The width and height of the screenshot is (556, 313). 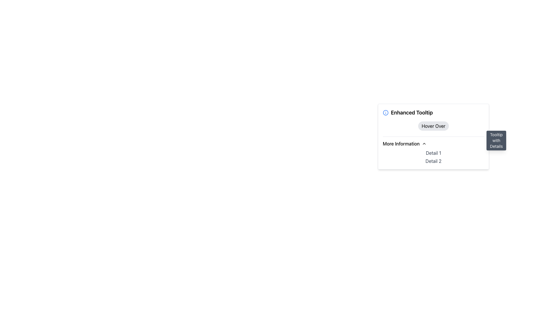 What do you see at coordinates (411, 113) in the screenshot?
I see `text from the 'Enhanced Tooltip' label, which is displayed in larger bold font and is visually emphasized, located next to a blue information icon` at bounding box center [411, 113].